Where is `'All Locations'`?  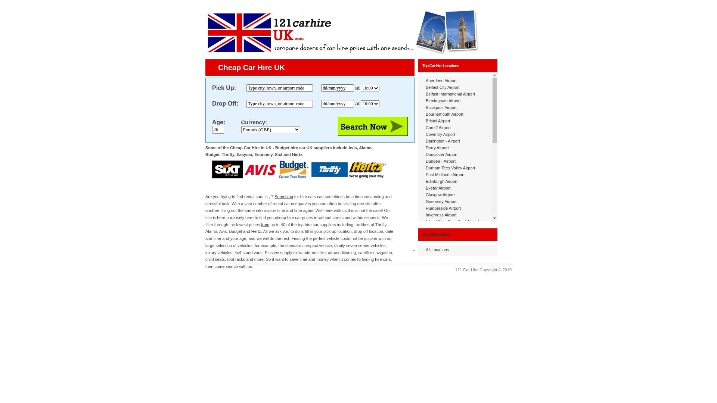
'All Locations' is located at coordinates (437, 249).